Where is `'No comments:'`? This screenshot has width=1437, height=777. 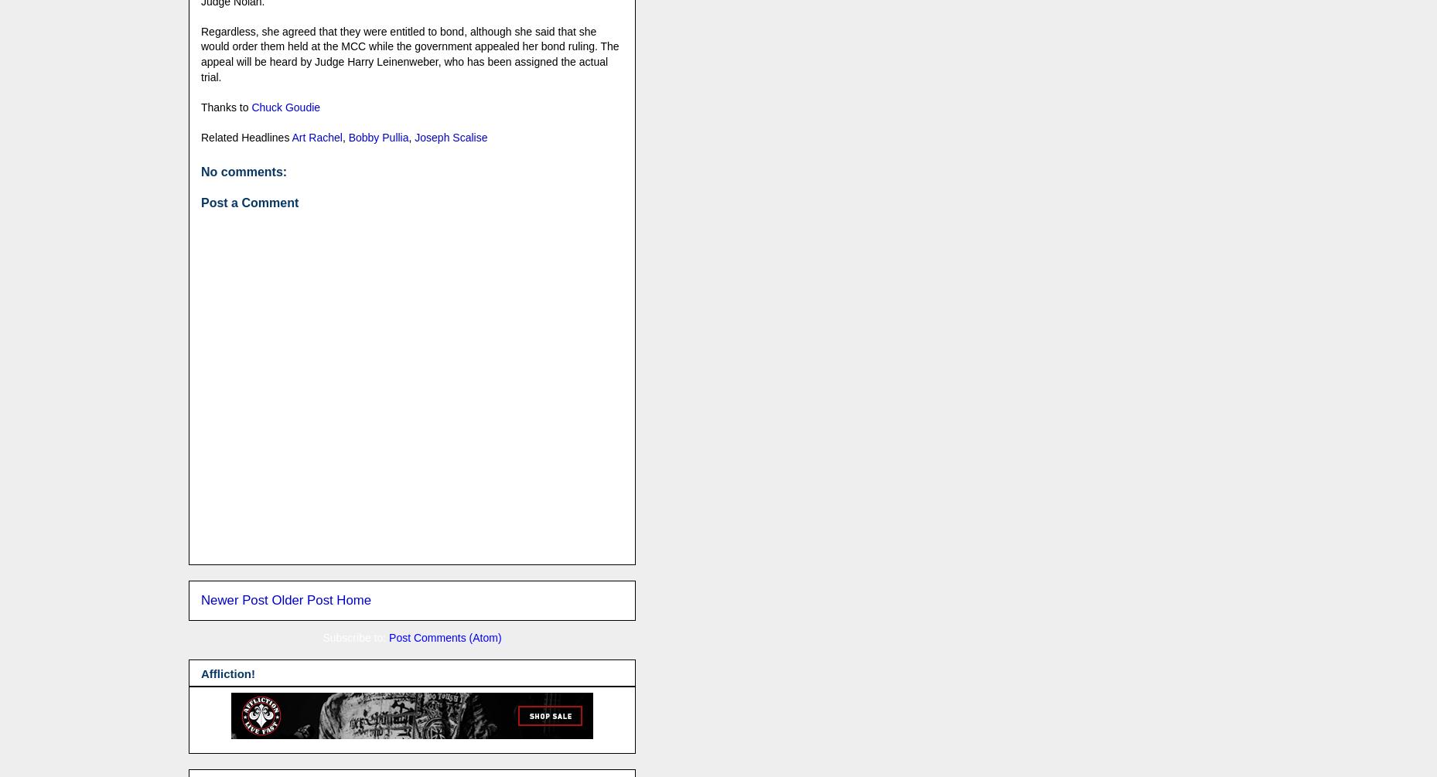 'No comments:' is located at coordinates (200, 171).